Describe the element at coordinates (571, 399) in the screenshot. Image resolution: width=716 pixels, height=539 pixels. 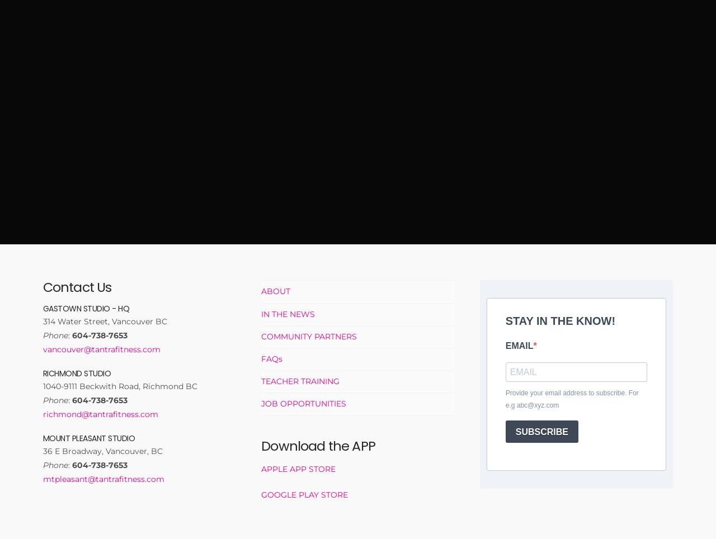
I see `'Provide your email address to subscribe. For e.g abc@xyz.com'` at that location.